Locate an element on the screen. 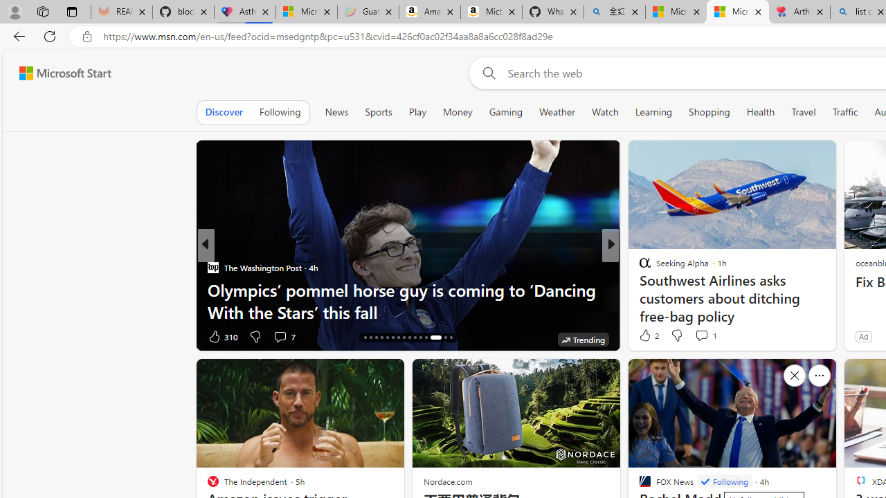 The width and height of the screenshot is (886, 498). 'AutomationID: tab-24' is located at coordinates (409, 338).